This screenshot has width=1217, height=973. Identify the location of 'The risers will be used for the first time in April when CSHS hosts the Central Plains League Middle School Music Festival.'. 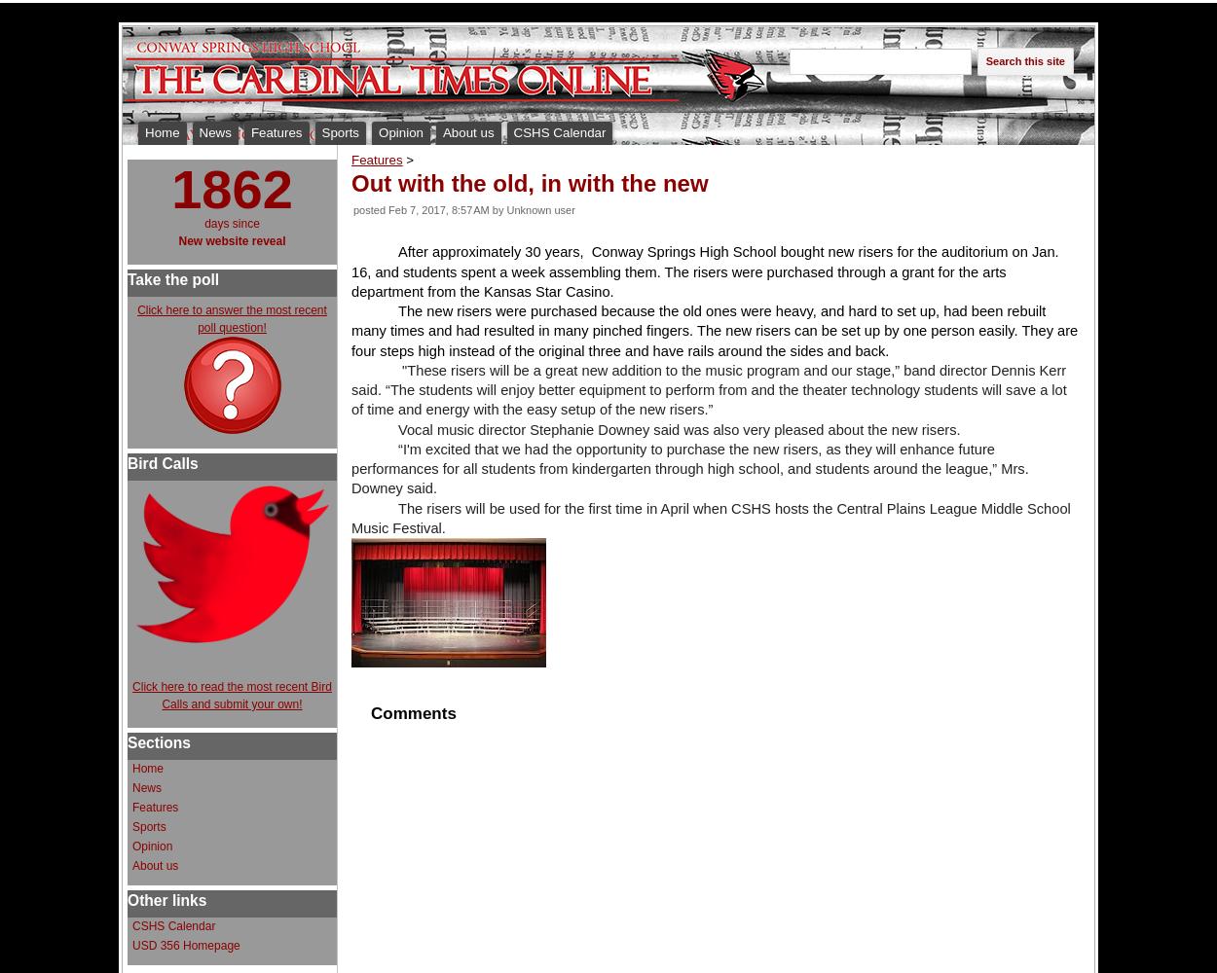
(350, 518).